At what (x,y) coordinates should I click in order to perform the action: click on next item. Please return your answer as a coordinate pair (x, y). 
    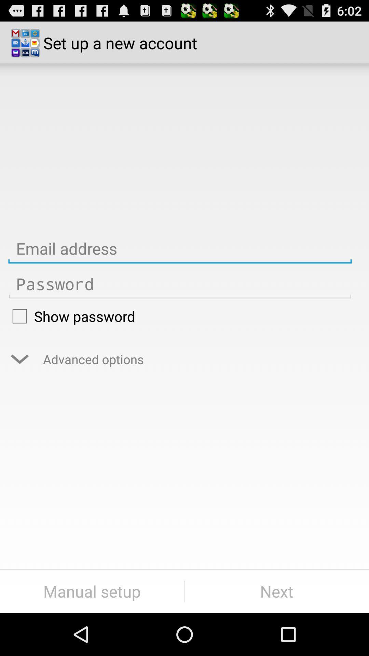
    Looking at the image, I should click on (277, 591).